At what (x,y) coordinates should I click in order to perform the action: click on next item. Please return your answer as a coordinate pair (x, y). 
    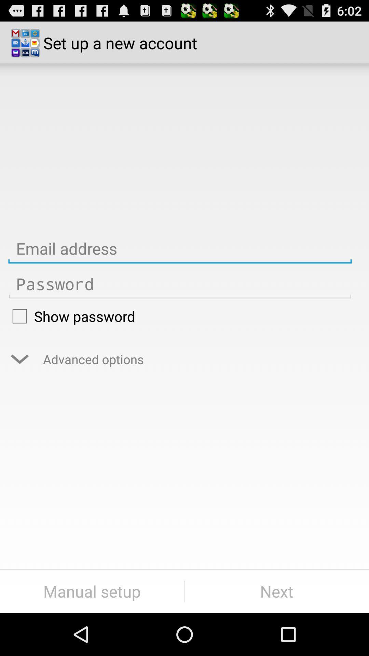
    Looking at the image, I should click on (277, 591).